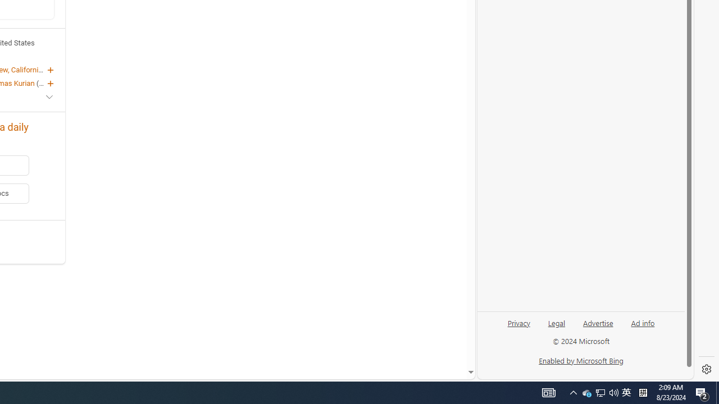 Image resolution: width=719 pixels, height=404 pixels. What do you see at coordinates (518, 322) in the screenshot?
I see `'Privacy'` at bounding box center [518, 322].